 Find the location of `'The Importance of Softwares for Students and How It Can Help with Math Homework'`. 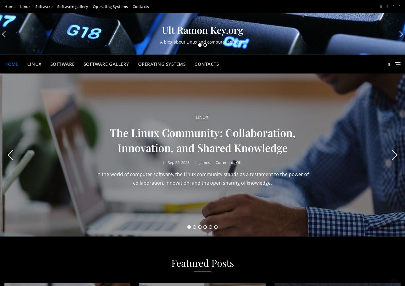

'The Importance of Softwares for Students and How It Can Help with Math Homework' is located at coordinates (203, 139).